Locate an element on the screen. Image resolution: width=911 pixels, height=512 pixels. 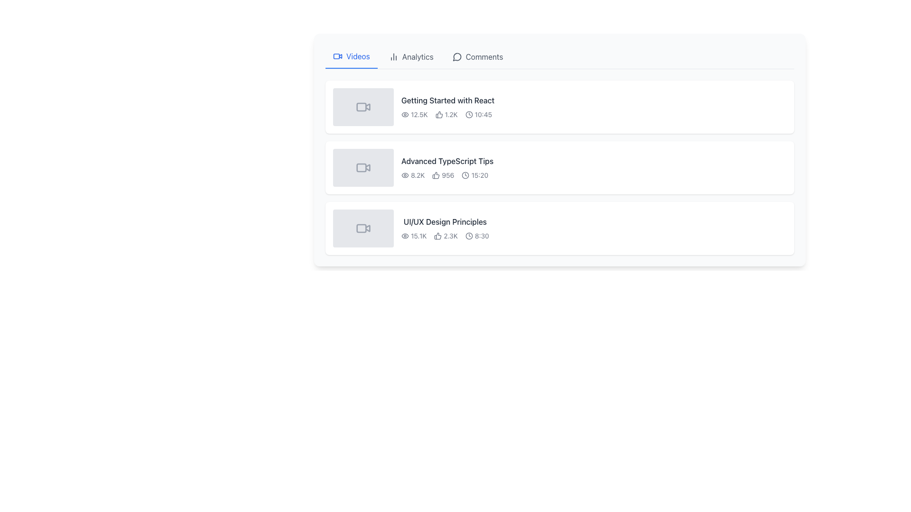
to select the first video card in the vertically stacked list of video cards is located at coordinates (560, 107).